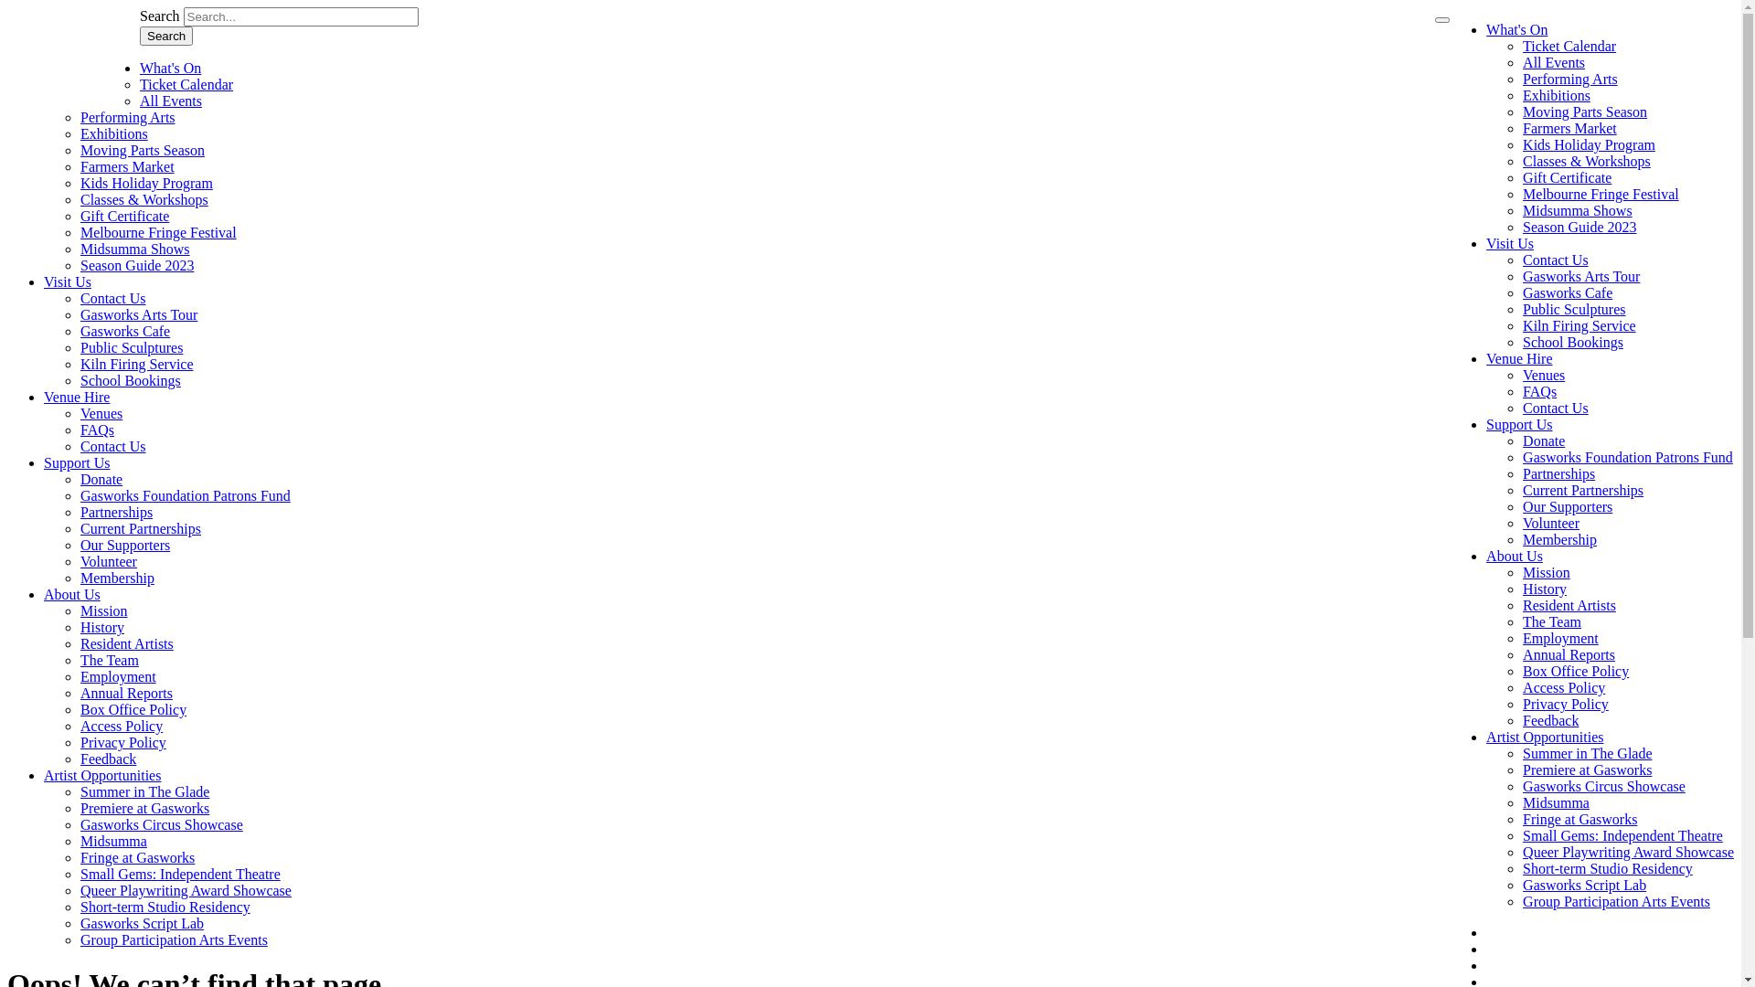 The width and height of the screenshot is (1755, 987). What do you see at coordinates (1586, 160) in the screenshot?
I see `'Classes & Workshops'` at bounding box center [1586, 160].